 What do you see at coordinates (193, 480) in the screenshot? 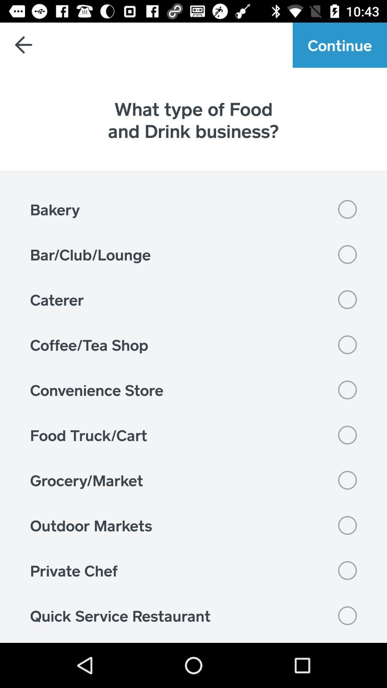
I see `the icon above the outdoor markets item` at bounding box center [193, 480].